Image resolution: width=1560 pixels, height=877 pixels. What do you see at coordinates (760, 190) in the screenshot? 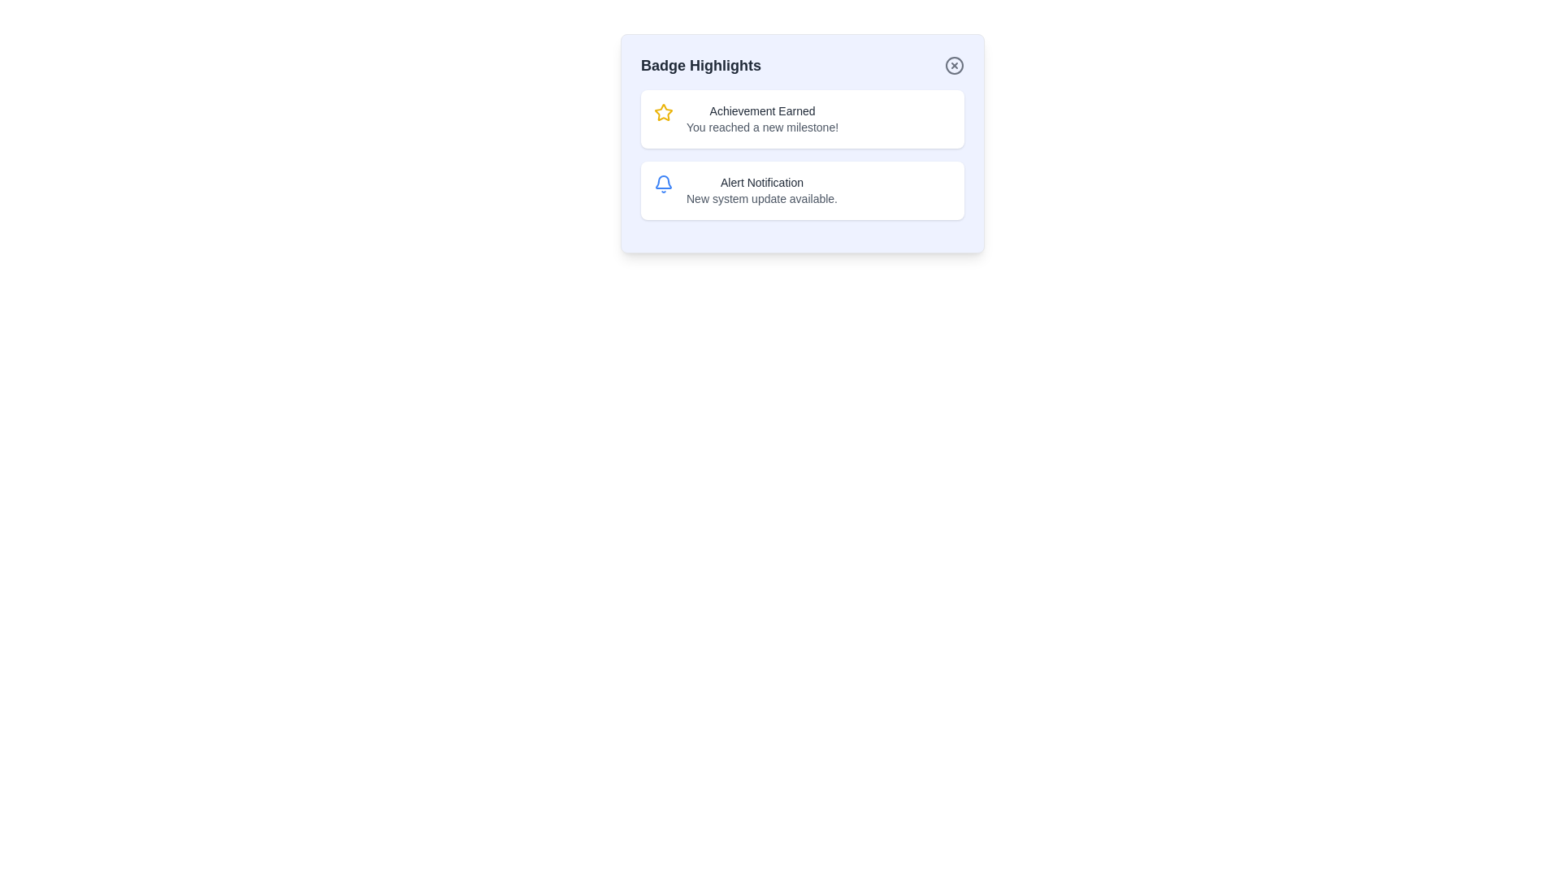
I see `text from the second notification entry in the 'Badge Highlights' section, which displays 'Alert Notification' and 'New system update available.'` at bounding box center [760, 190].